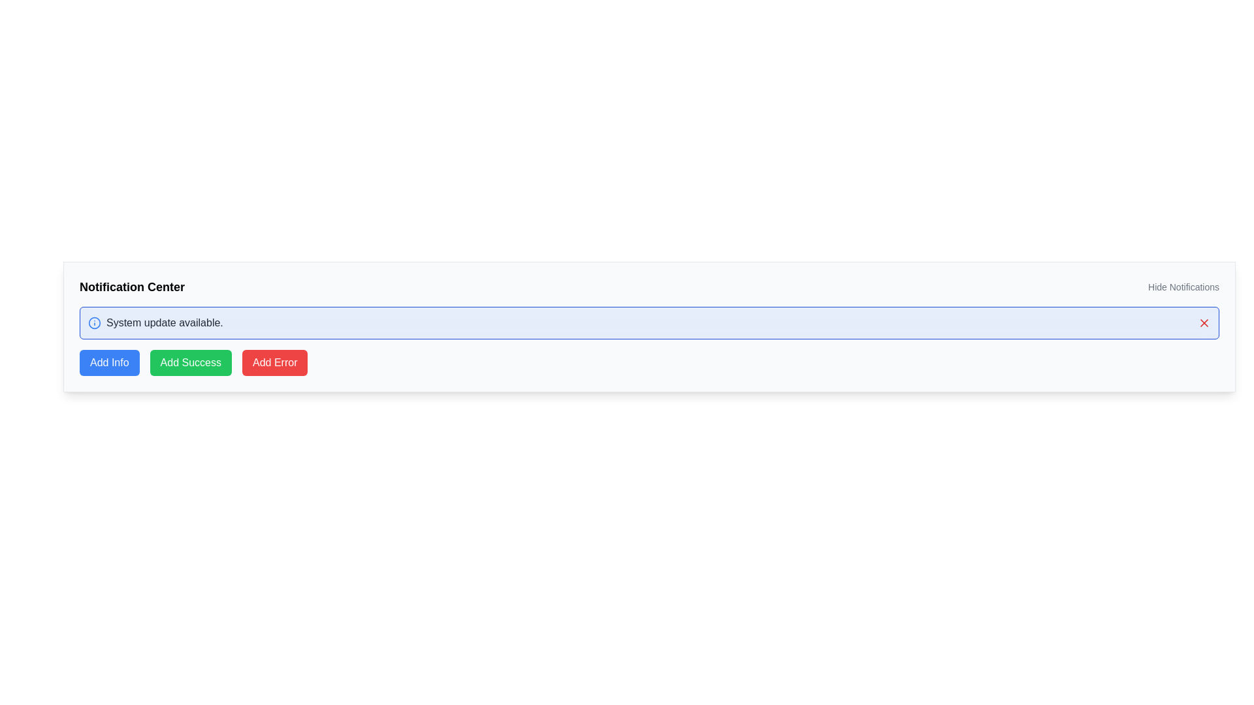 The image size is (1254, 705). I want to click on the informational icon indicating 'System update available.' which is positioned to the left of the text, so click(93, 322).